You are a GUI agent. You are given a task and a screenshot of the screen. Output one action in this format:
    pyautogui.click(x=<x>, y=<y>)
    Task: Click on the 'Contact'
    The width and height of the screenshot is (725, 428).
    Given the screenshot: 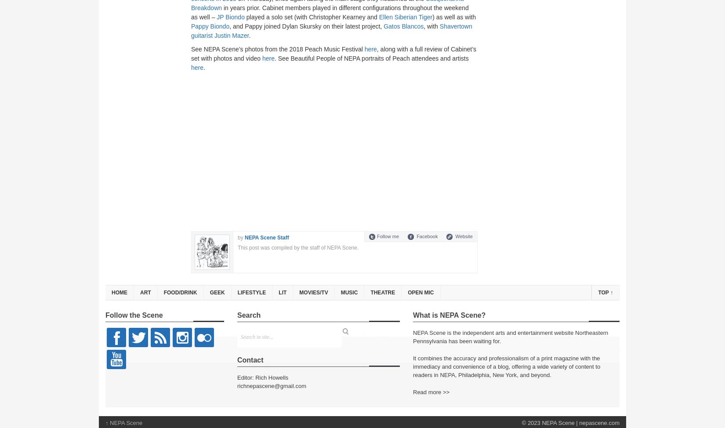 What is the action you would take?
    pyautogui.click(x=250, y=360)
    